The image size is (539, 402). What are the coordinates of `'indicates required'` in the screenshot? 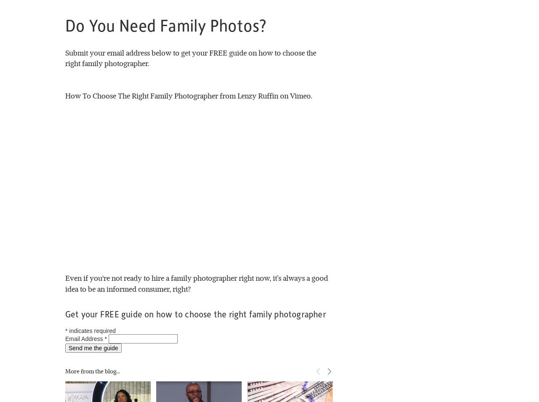 It's located at (67, 330).